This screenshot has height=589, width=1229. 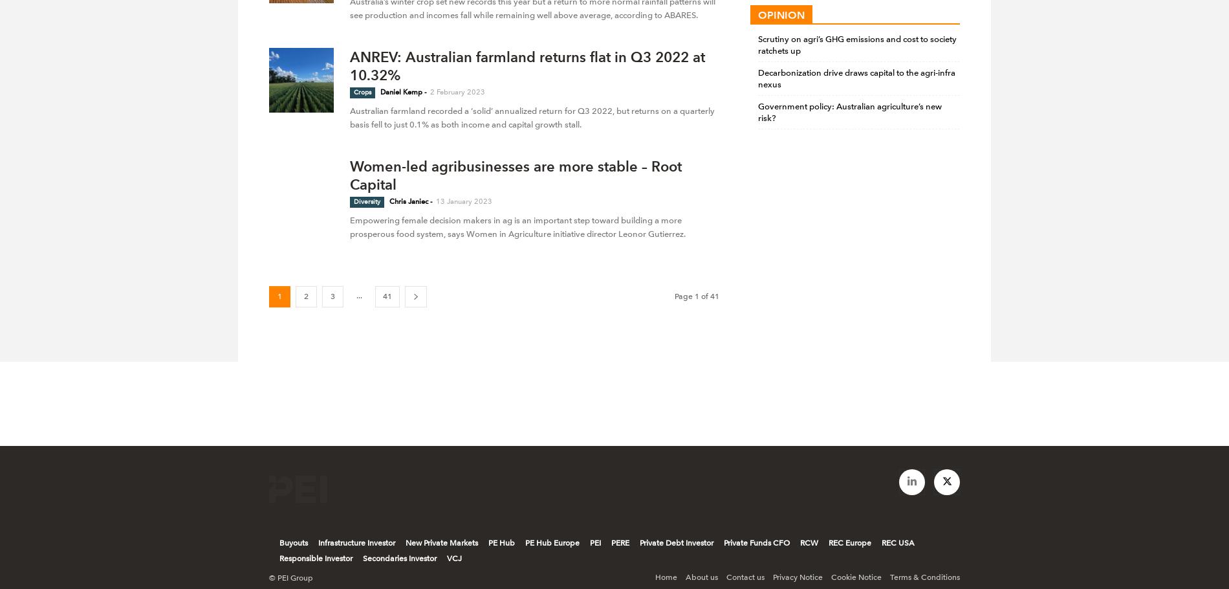 What do you see at coordinates (457, 91) in the screenshot?
I see `'2 February 2023'` at bounding box center [457, 91].